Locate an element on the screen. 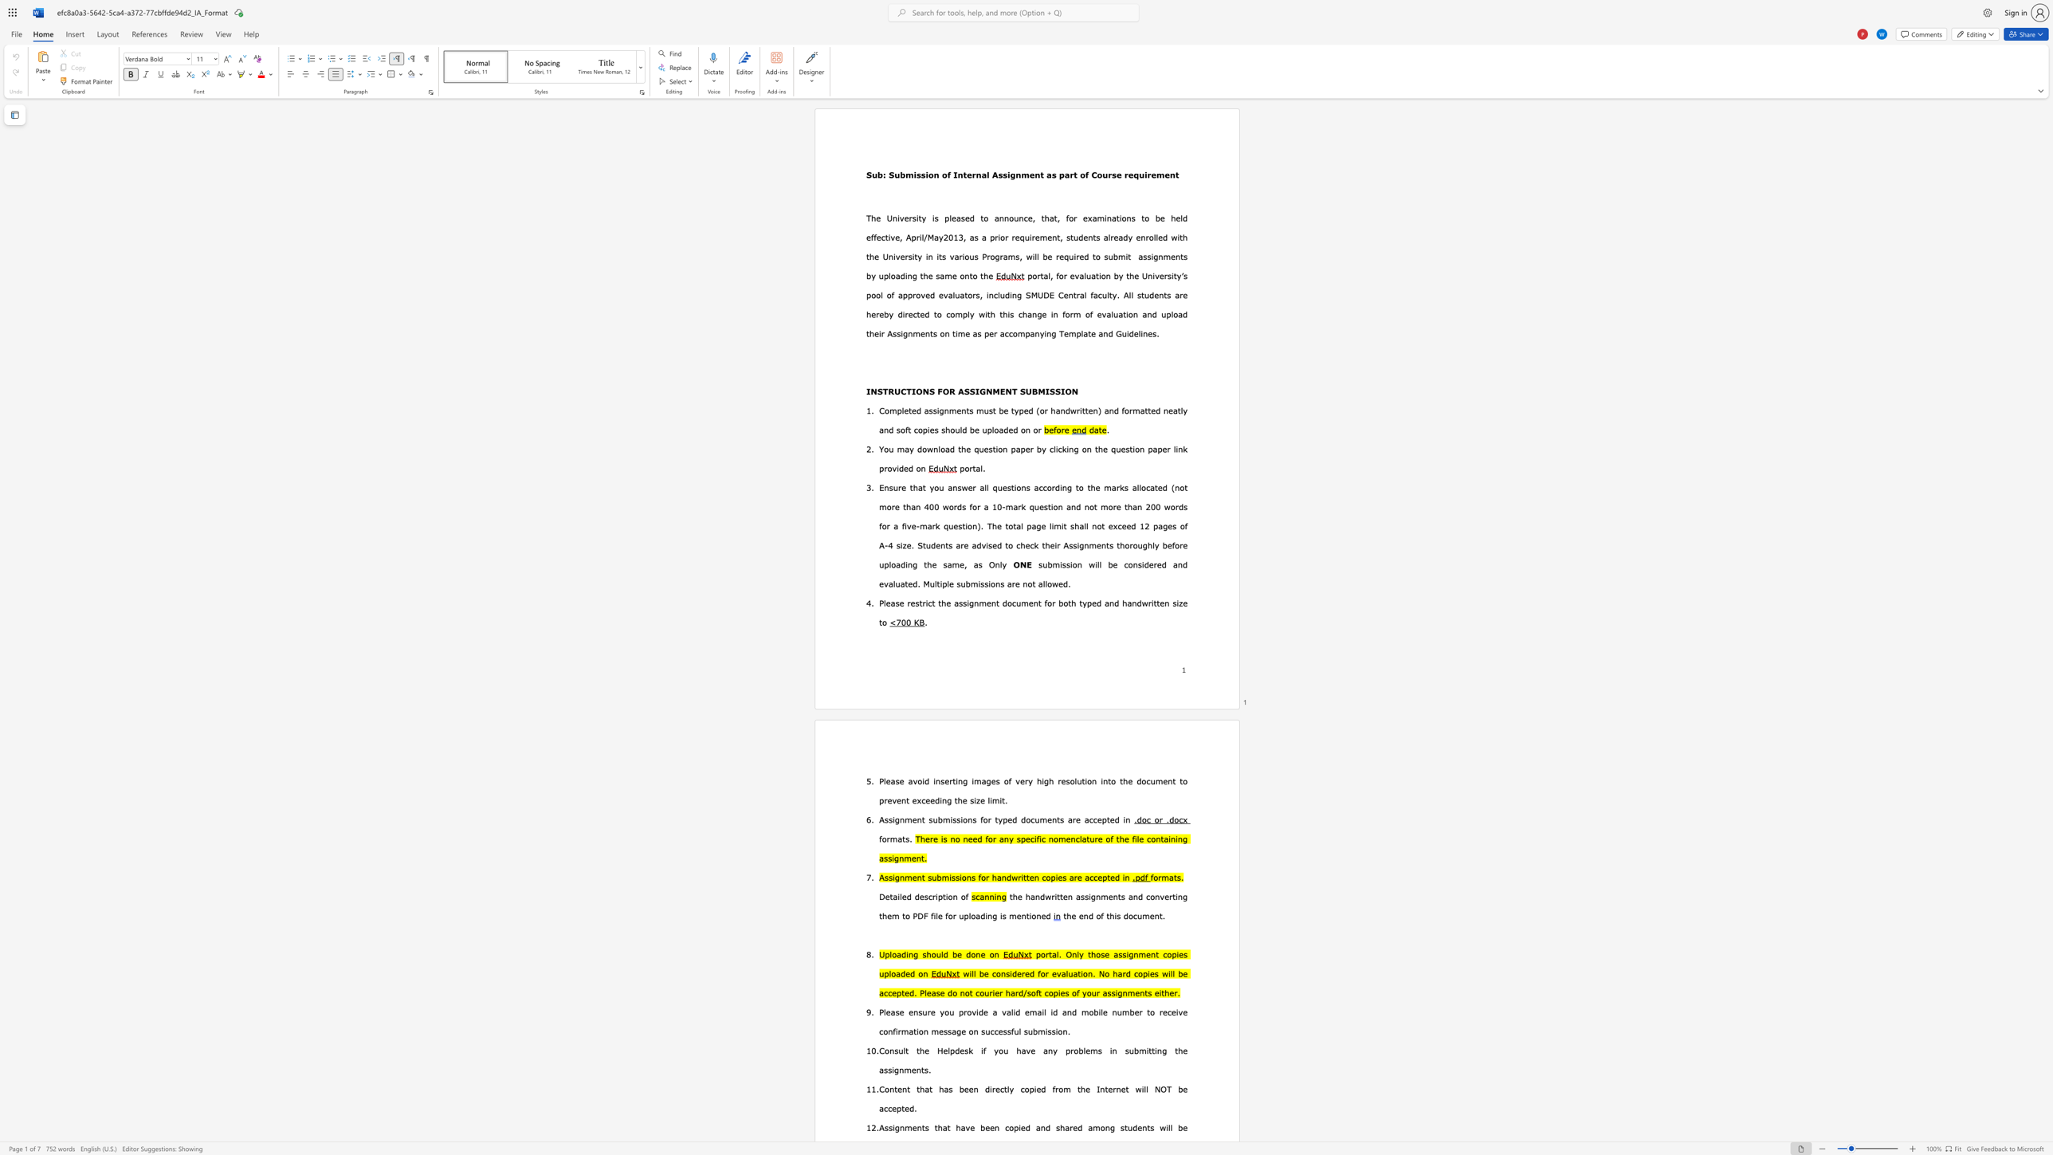 The image size is (2053, 1155). the subset text "loading t" within the text "by uploading the same onto the" is located at coordinates (889, 276).